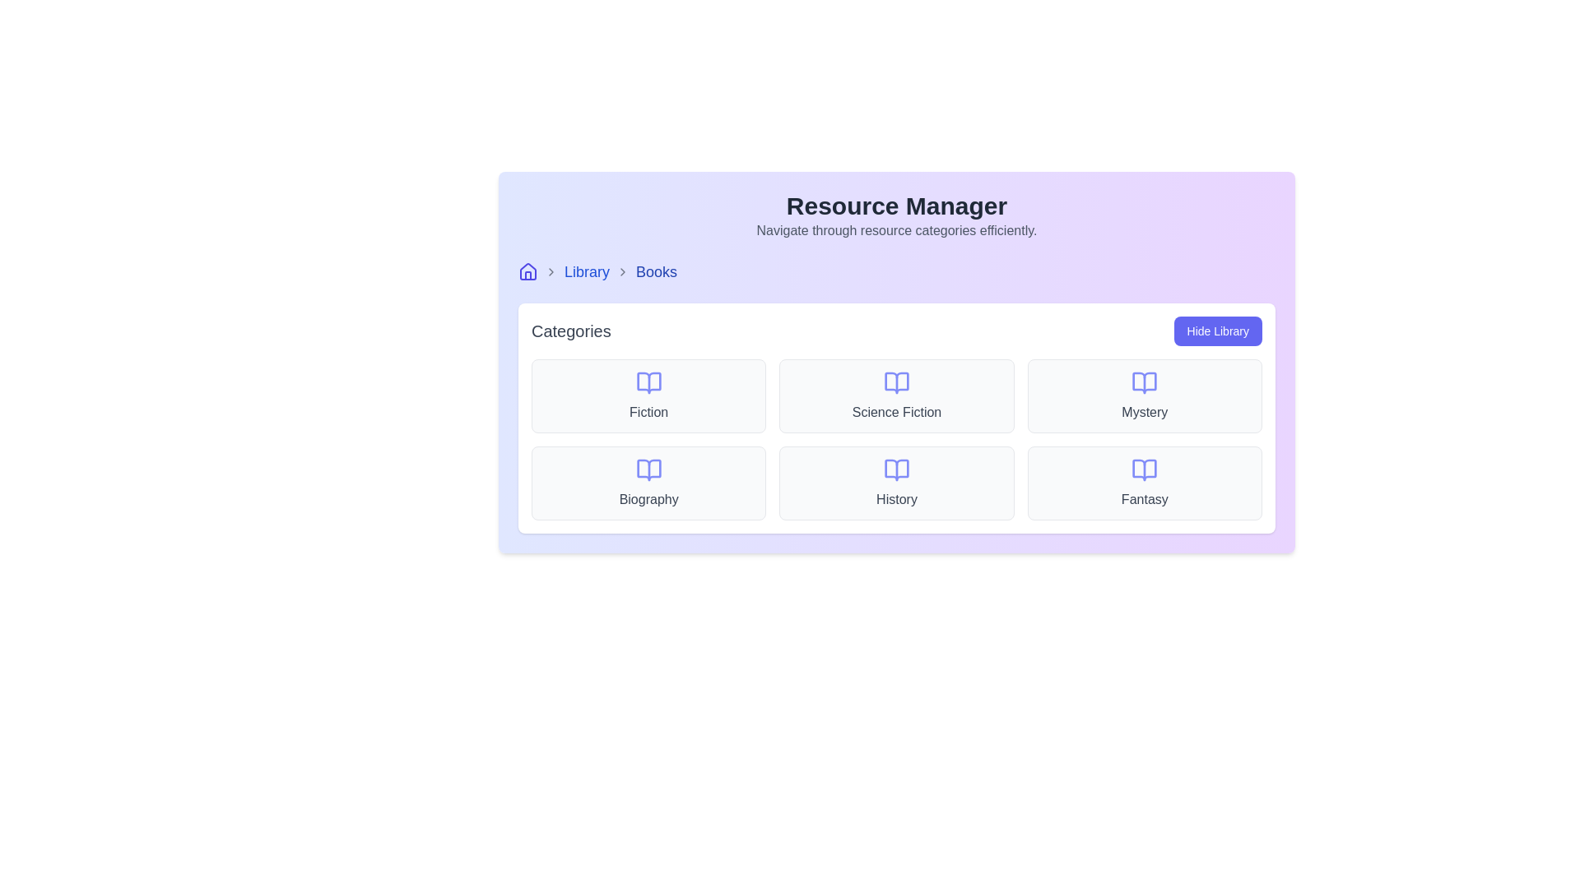  I want to click on the decorative icon representing the 'History' category within the Categories section, so click(895, 469).